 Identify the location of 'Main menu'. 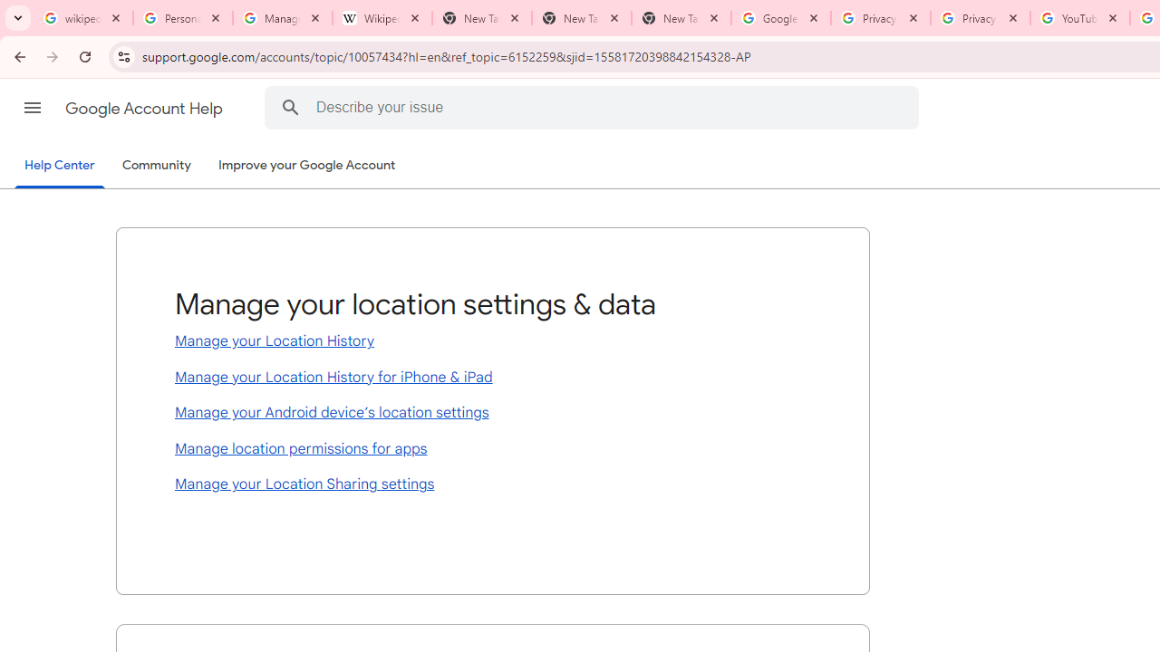
(32, 108).